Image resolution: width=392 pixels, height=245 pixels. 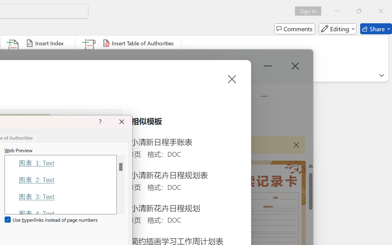 What do you see at coordinates (337, 29) in the screenshot?
I see `'Editing'` at bounding box center [337, 29].